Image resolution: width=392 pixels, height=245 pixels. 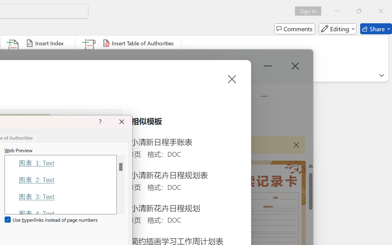 What do you see at coordinates (337, 29) in the screenshot?
I see `'Editing'` at bounding box center [337, 29].